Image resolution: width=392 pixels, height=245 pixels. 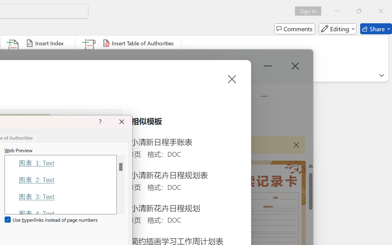 What do you see at coordinates (337, 29) in the screenshot?
I see `'Editing'` at bounding box center [337, 29].